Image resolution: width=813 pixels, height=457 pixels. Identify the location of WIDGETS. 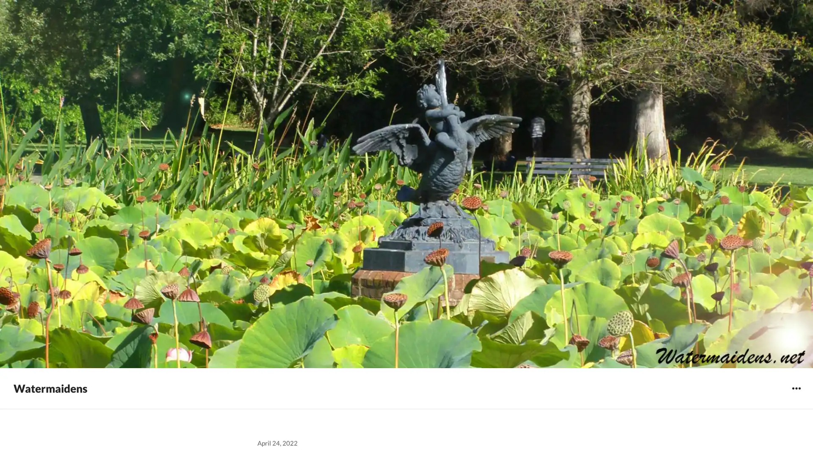
(796, 388).